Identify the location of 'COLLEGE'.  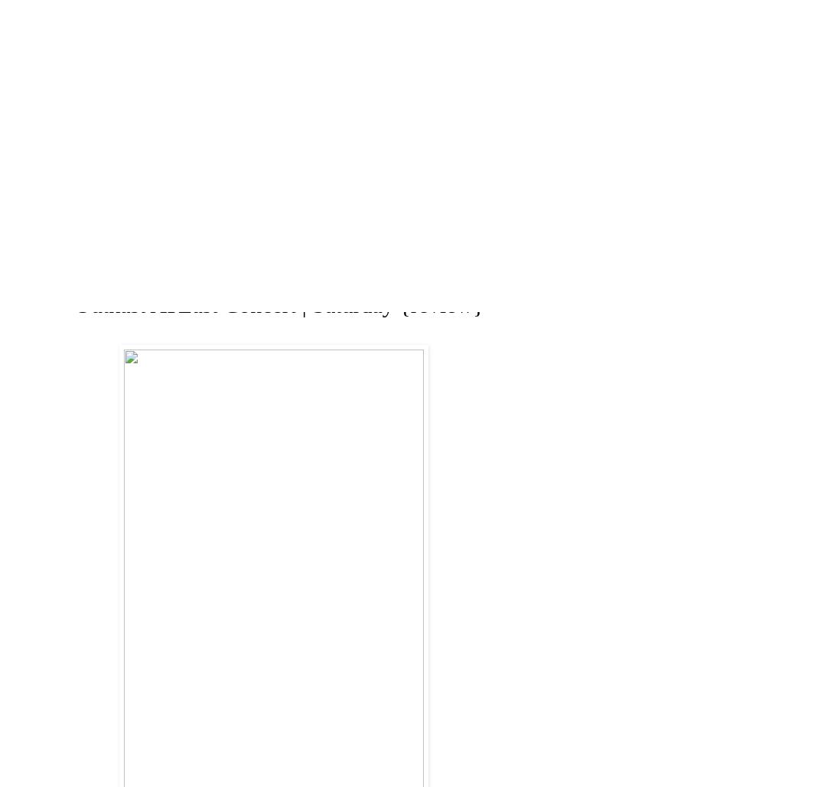
(409, 214).